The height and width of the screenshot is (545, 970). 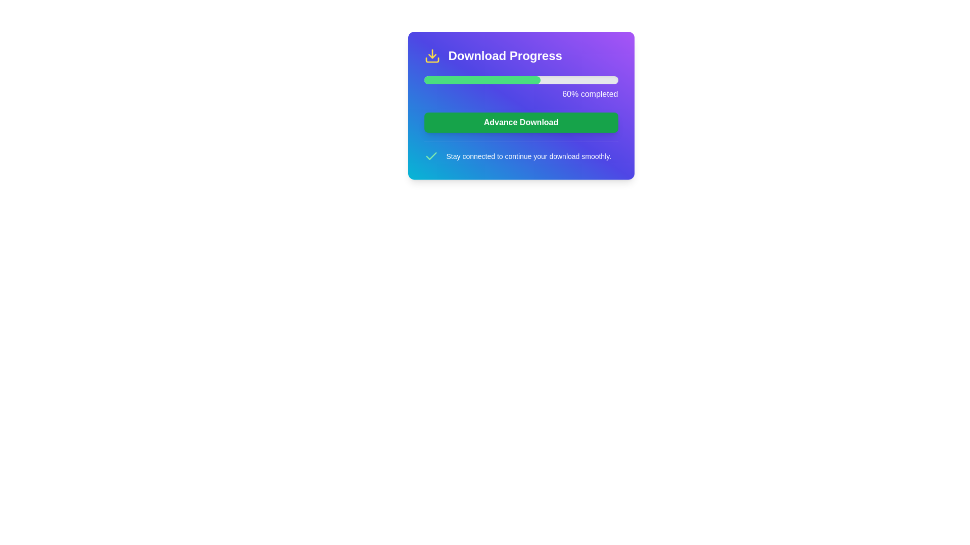 I want to click on the button located below the progress bar and above the text 'Stay connected, so click(x=521, y=122).